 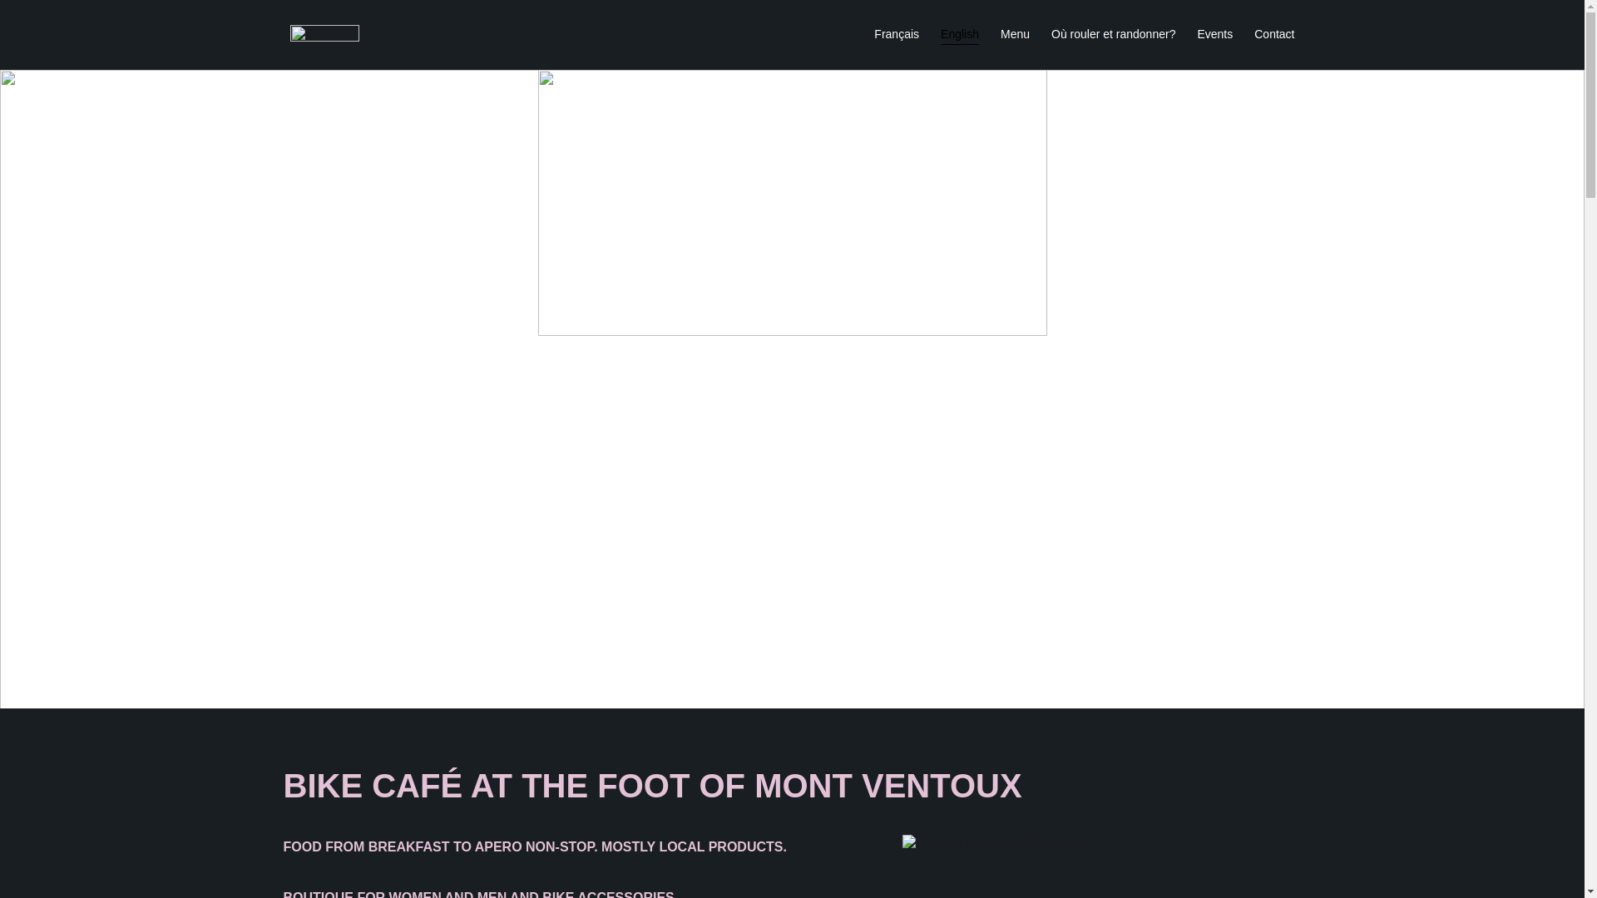 I want to click on 'Go to Instagram page', so click(x=291, y=629).